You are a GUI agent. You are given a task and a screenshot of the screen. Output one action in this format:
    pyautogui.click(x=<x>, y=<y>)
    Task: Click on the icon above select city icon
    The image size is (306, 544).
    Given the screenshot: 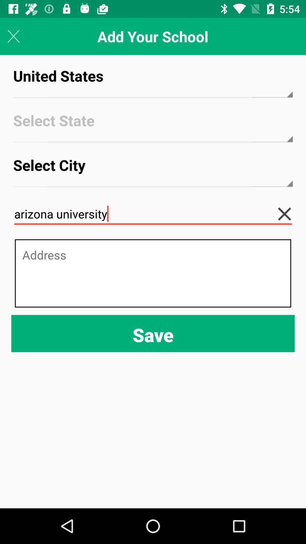 What is the action you would take?
    pyautogui.click(x=153, y=125)
    